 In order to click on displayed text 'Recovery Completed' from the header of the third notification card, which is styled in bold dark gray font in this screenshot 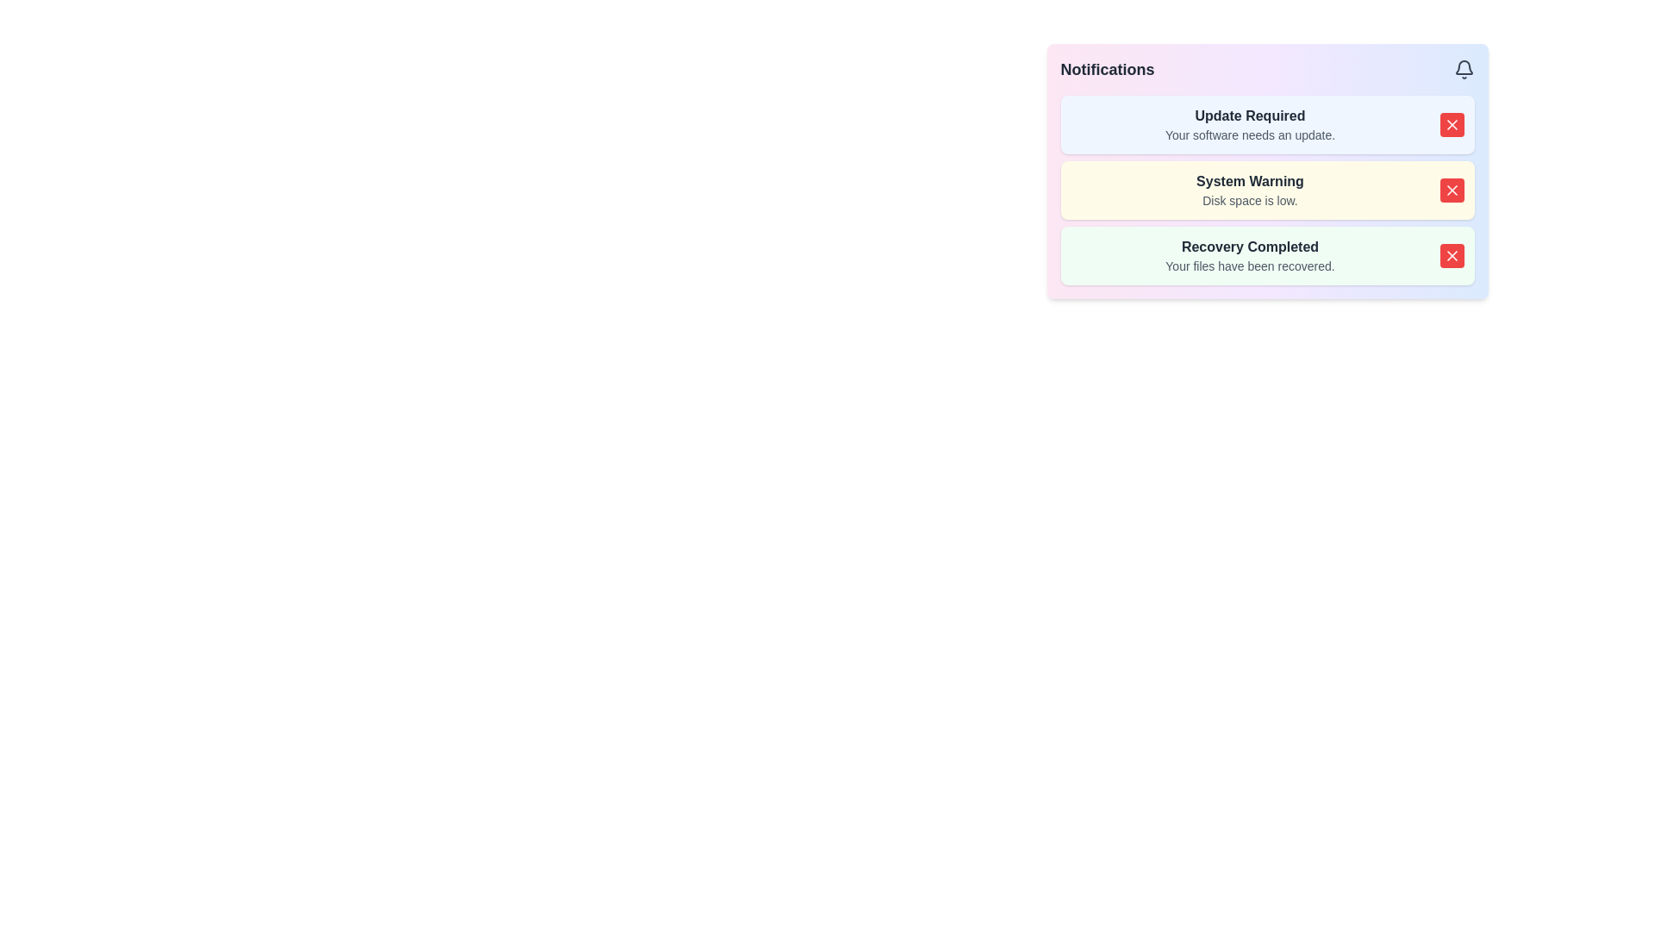, I will do `click(1250, 247)`.